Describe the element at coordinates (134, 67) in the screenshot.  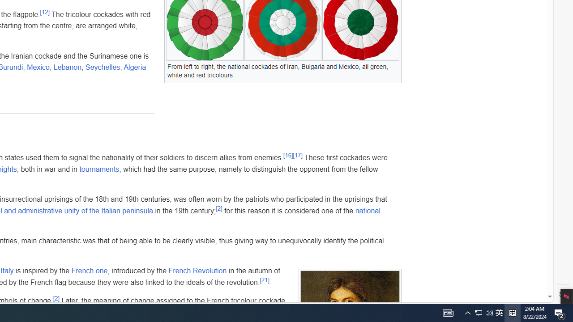
I see `'Algeria'` at that location.